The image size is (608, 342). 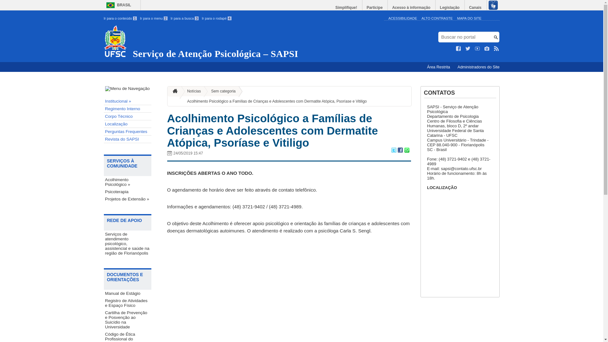 What do you see at coordinates (127, 131) in the screenshot?
I see `'Perguntas Frequentes'` at bounding box center [127, 131].